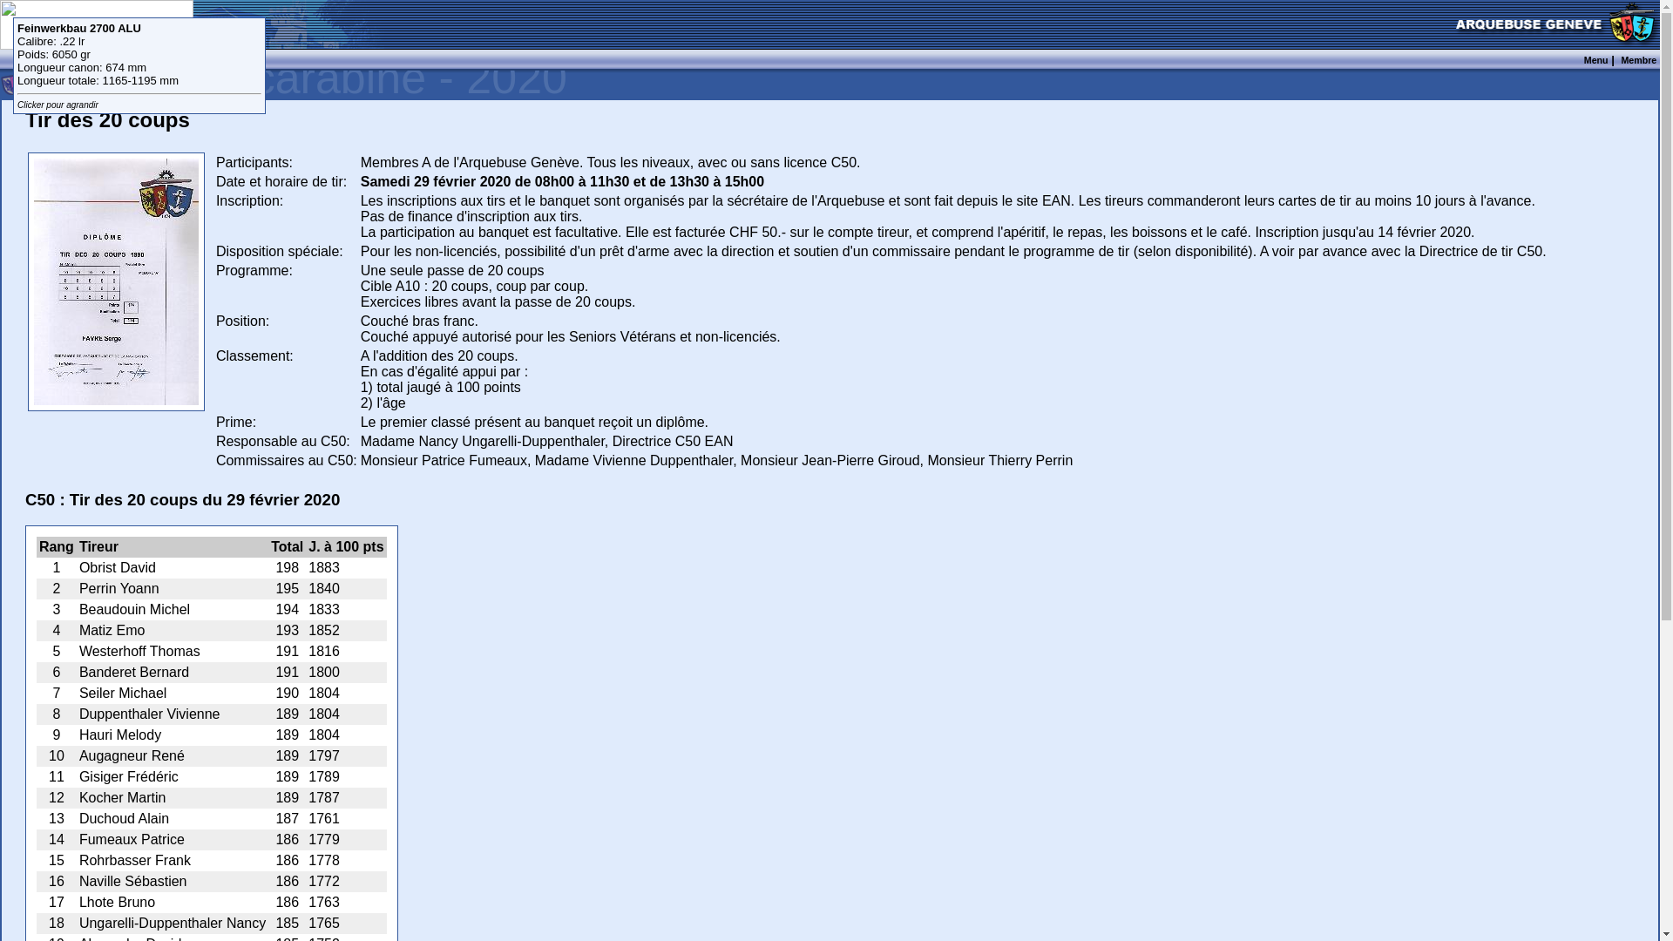 This screenshot has height=941, width=1673. What do you see at coordinates (1637, 58) in the screenshot?
I see `'Membre'` at bounding box center [1637, 58].